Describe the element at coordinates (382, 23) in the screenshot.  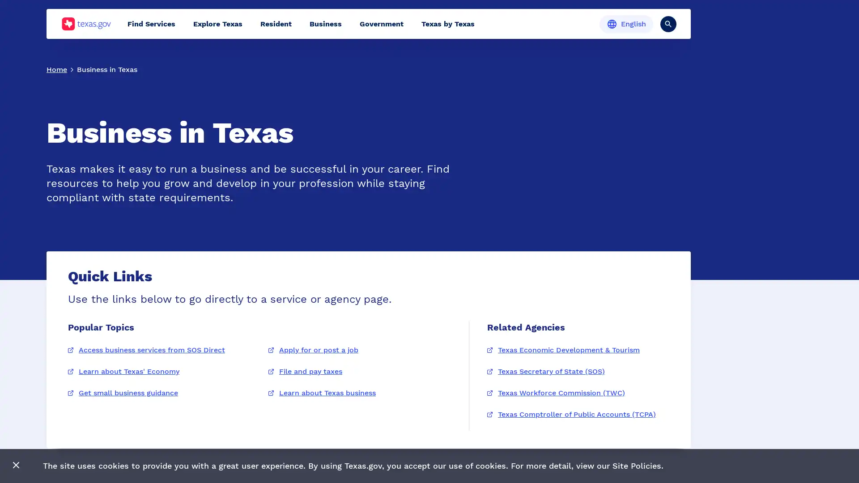
I see `Government` at that location.